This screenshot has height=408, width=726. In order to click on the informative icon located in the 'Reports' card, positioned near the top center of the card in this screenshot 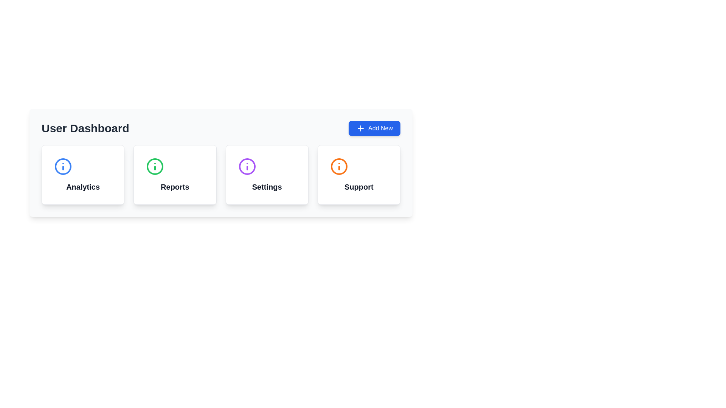, I will do `click(155, 166)`.